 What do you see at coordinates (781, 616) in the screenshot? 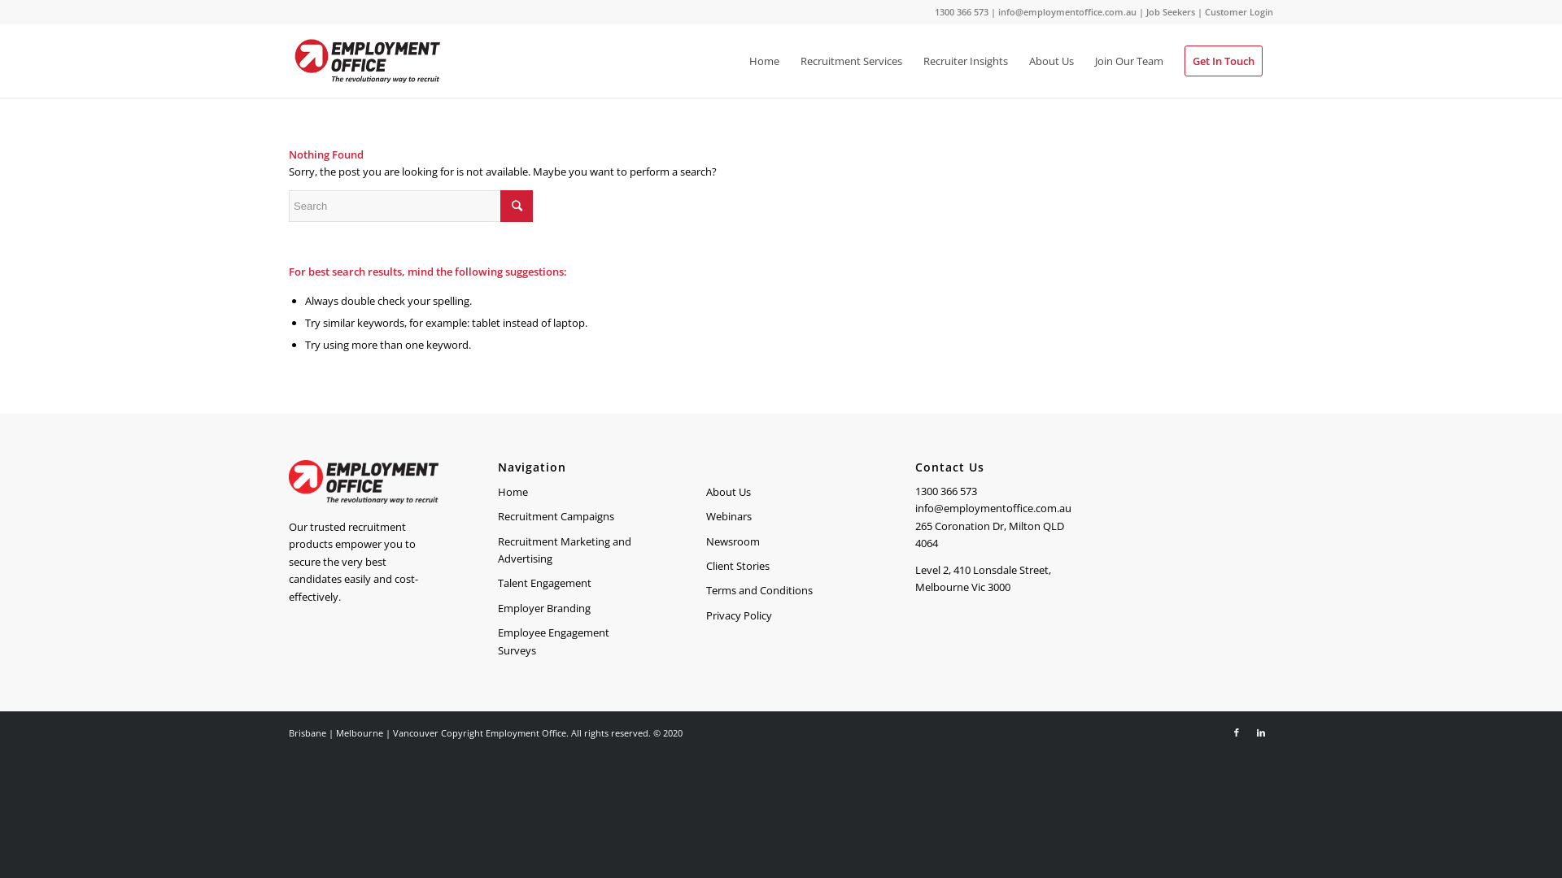
I see `'Privacy Policy'` at bounding box center [781, 616].